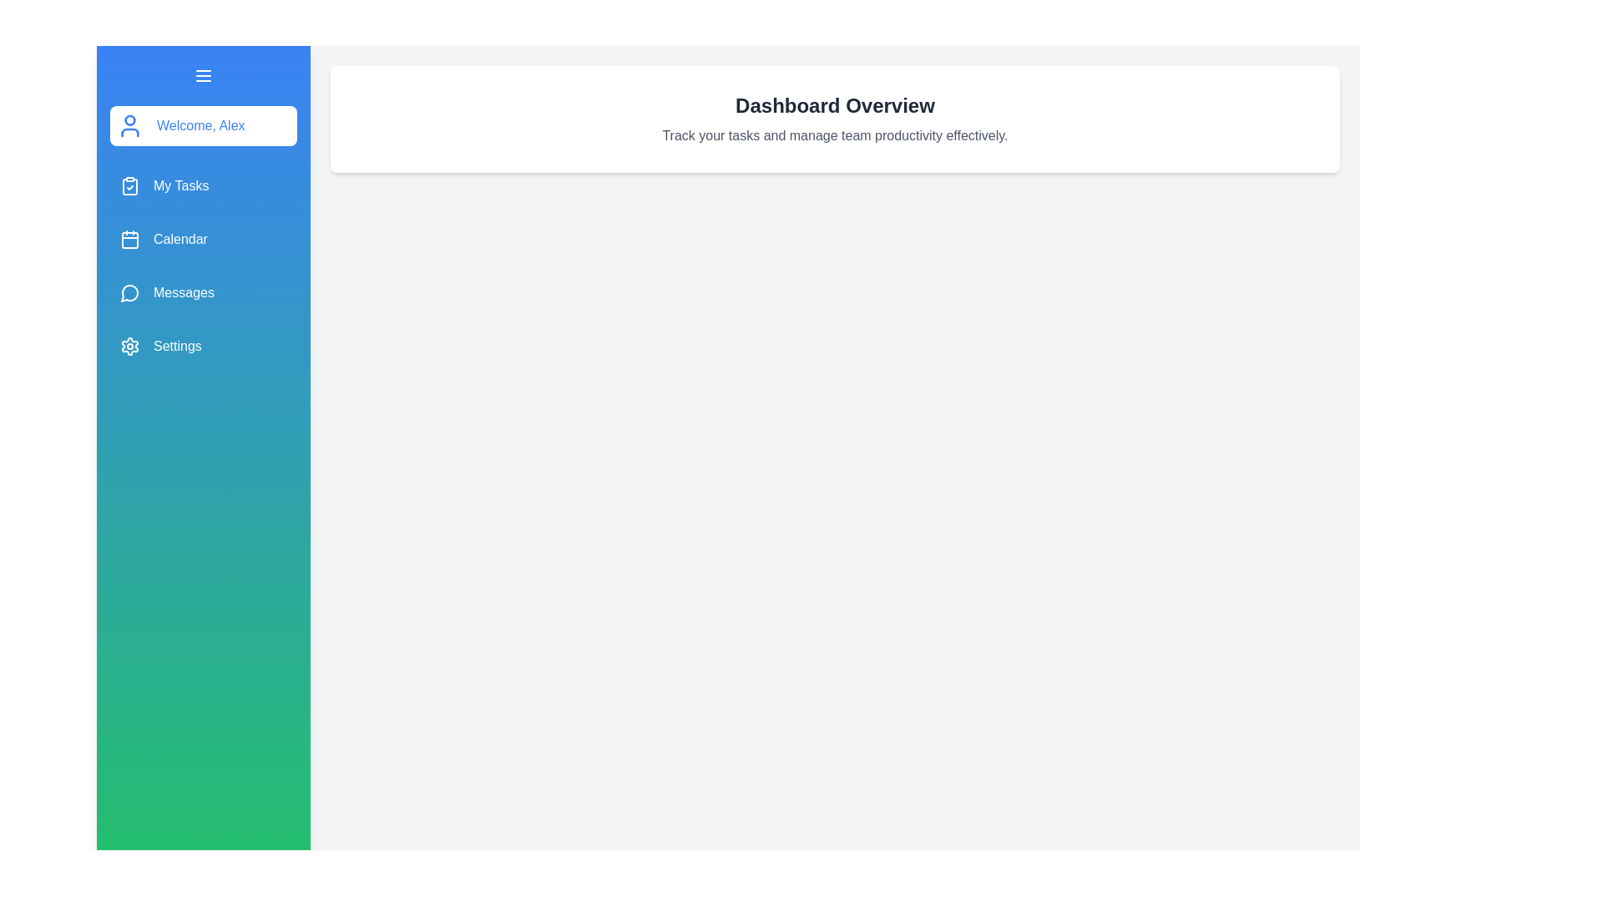 The height and width of the screenshot is (902, 1603). Describe the element at coordinates (203, 239) in the screenshot. I see `the 'Calendar' menu item in the sidebar` at that location.